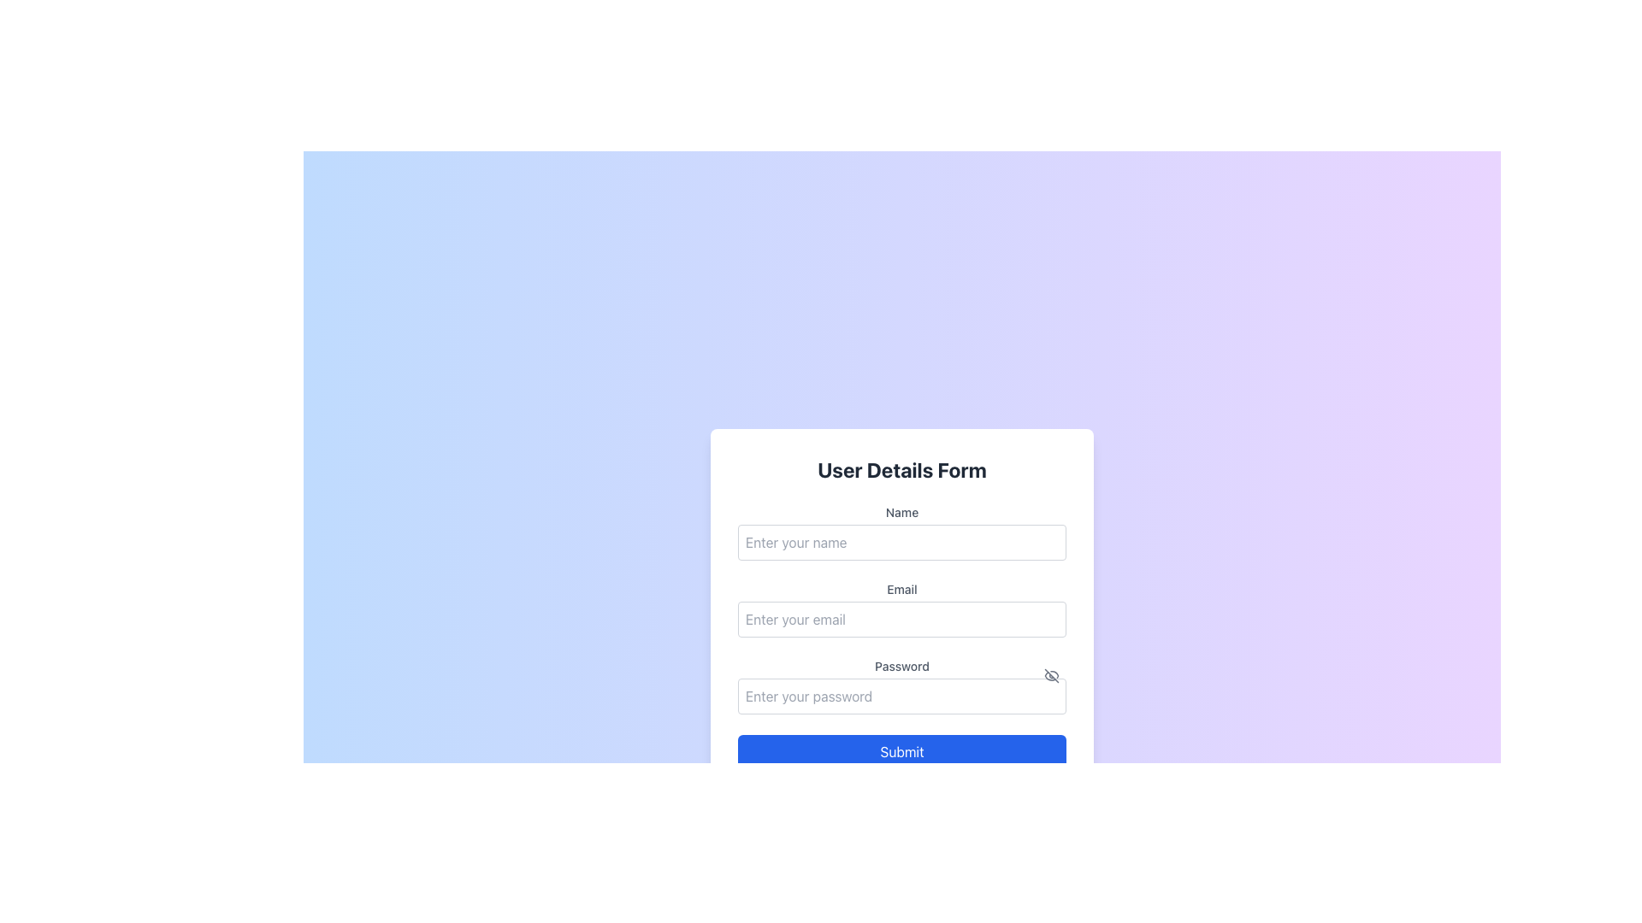  Describe the element at coordinates (901, 512) in the screenshot. I see `the 'Name' text label element, which is styled with a small font size and medium weight in gray color, located above the name input field` at that location.